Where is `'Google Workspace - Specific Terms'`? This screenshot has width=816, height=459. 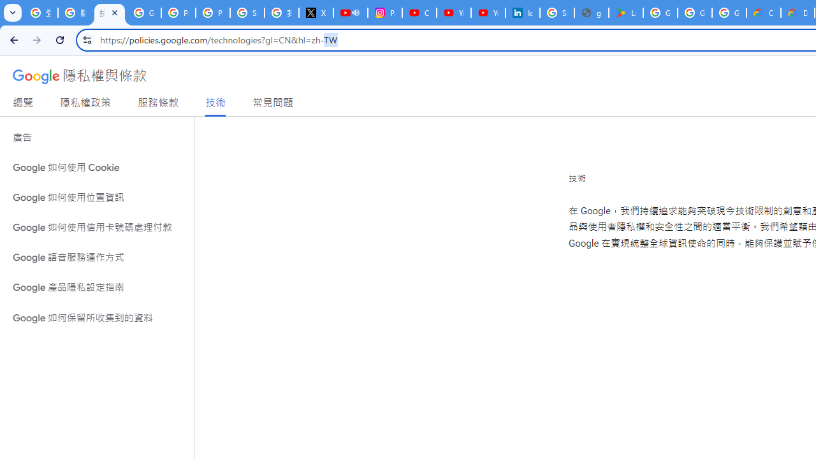 'Google Workspace - Specific Terms' is located at coordinates (694, 13).